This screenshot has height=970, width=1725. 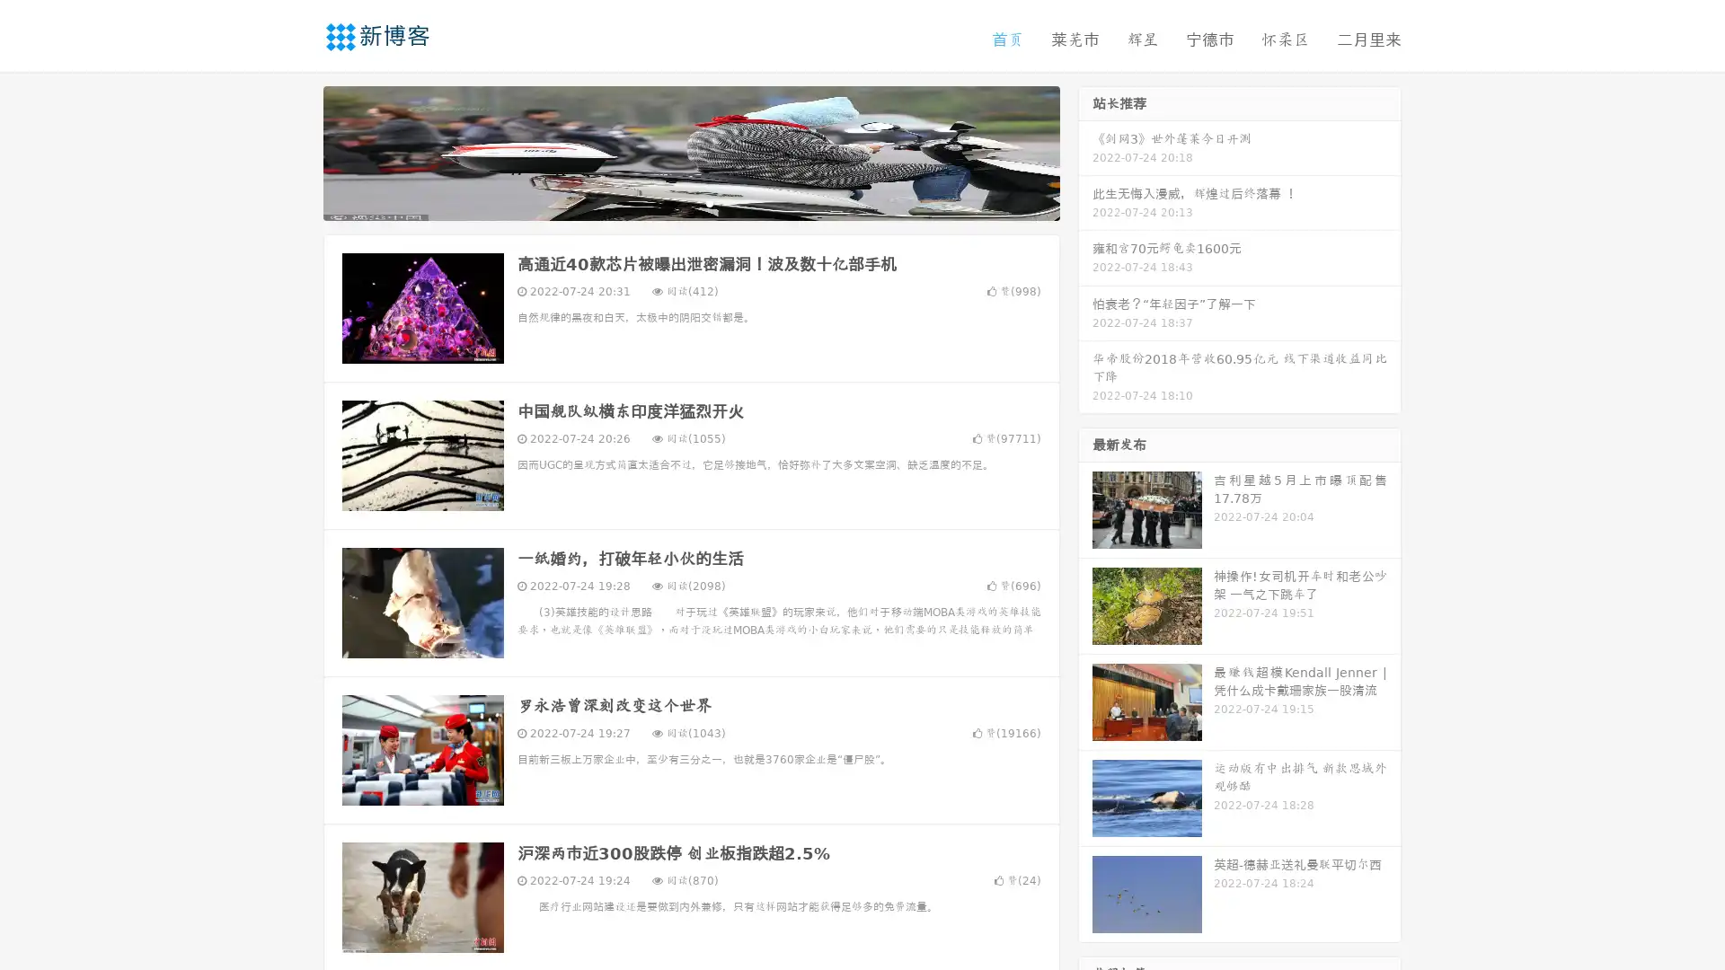 What do you see at coordinates (296, 151) in the screenshot?
I see `Previous slide` at bounding box center [296, 151].